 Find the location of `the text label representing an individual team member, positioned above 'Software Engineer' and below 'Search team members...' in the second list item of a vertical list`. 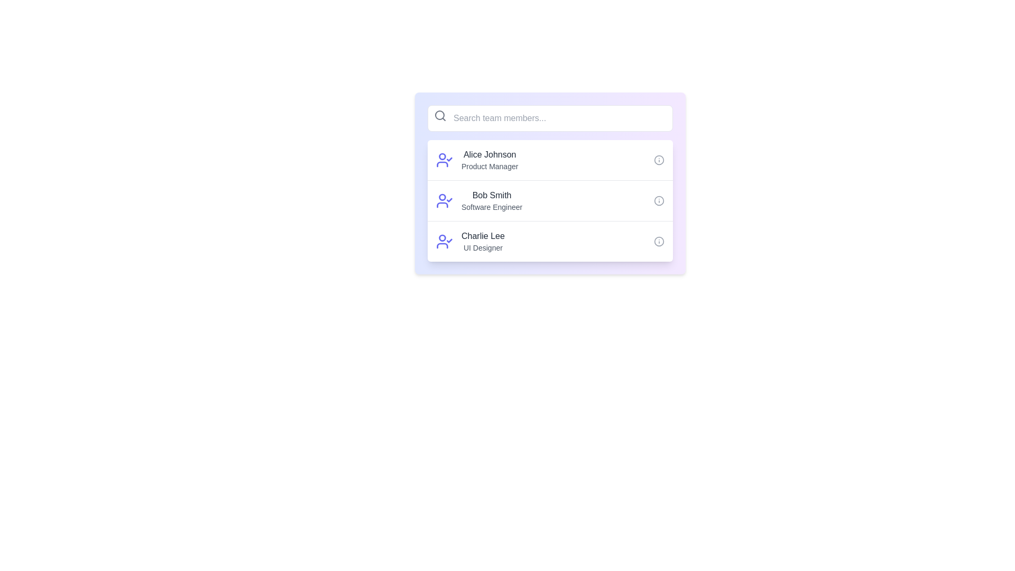

the text label representing an individual team member, positioned above 'Software Engineer' and below 'Search team members...' in the second list item of a vertical list is located at coordinates (491, 196).